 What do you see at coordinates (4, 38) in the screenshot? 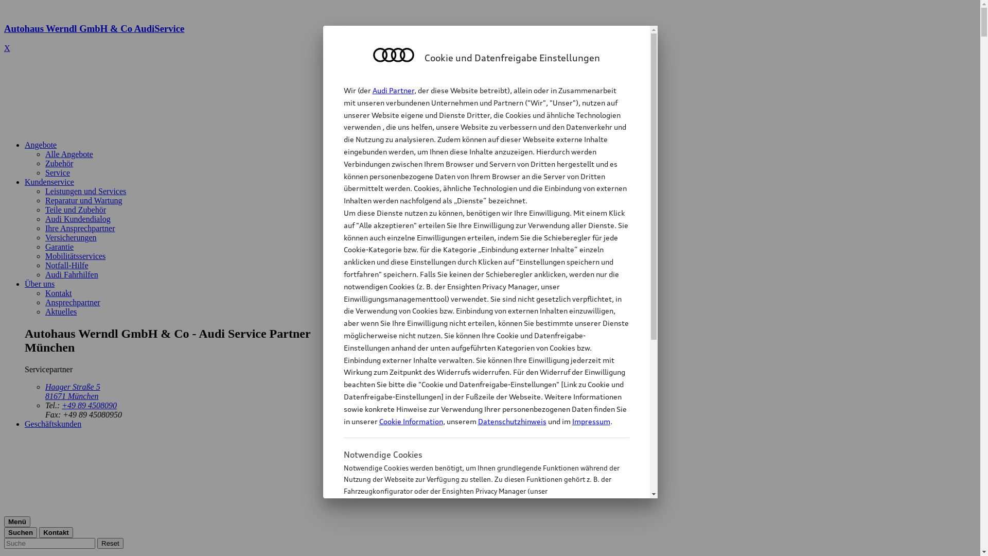
I see `'Autohaus Werndl GmbH & Co AudiService'` at bounding box center [4, 38].